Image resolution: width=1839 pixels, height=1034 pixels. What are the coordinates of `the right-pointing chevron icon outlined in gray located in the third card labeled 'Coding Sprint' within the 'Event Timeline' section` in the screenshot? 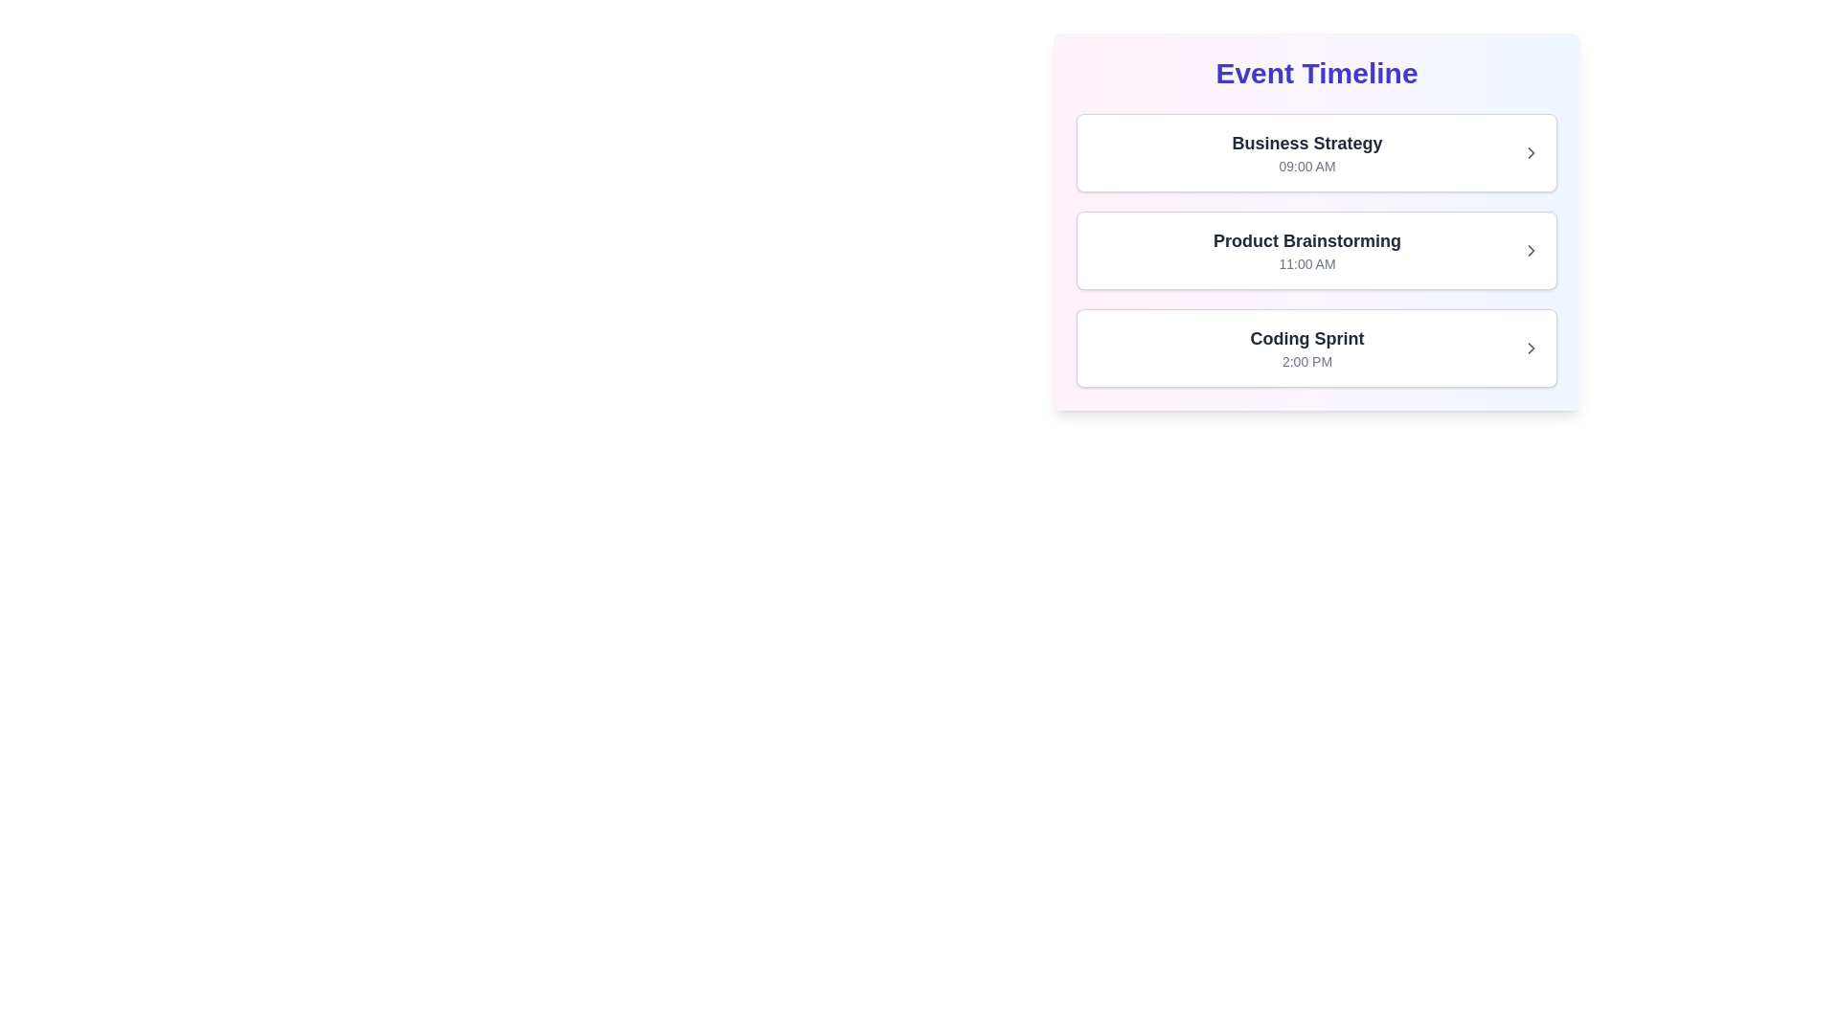 It's located at (1530, 348).